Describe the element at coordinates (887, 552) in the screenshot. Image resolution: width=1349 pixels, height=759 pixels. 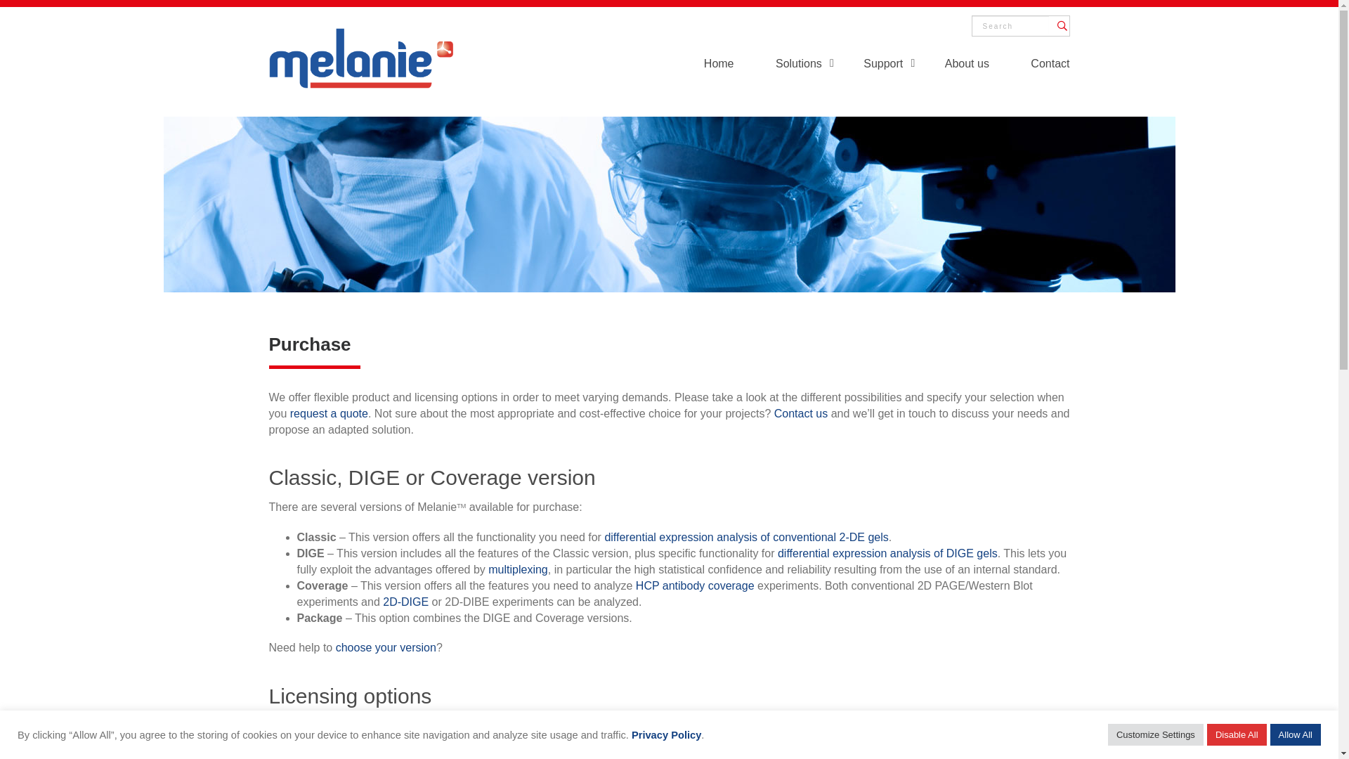
I see `'differential expression analysis of DIGE gels'` at that location.